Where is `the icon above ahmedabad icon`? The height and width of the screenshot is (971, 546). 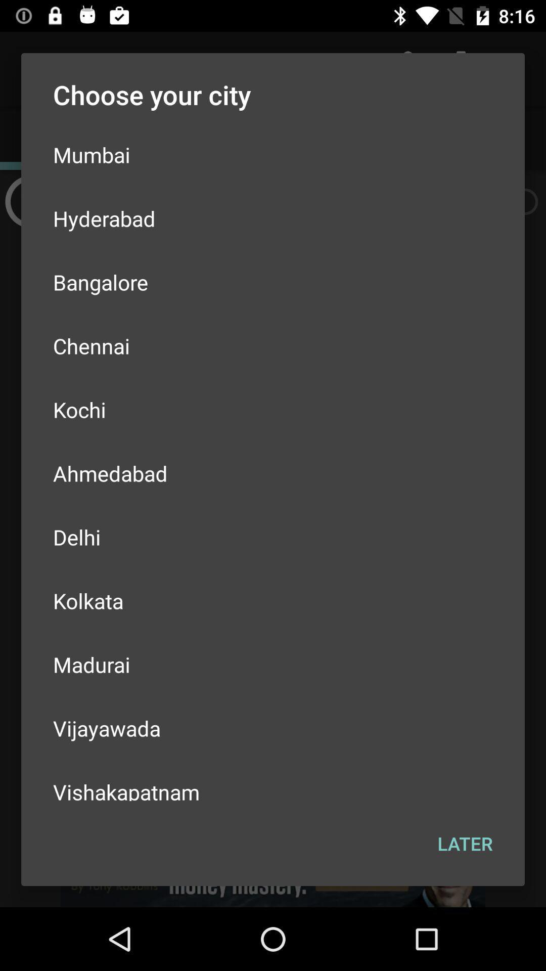 the icon above ahmedabad icon is located at coordinates (273, 410).